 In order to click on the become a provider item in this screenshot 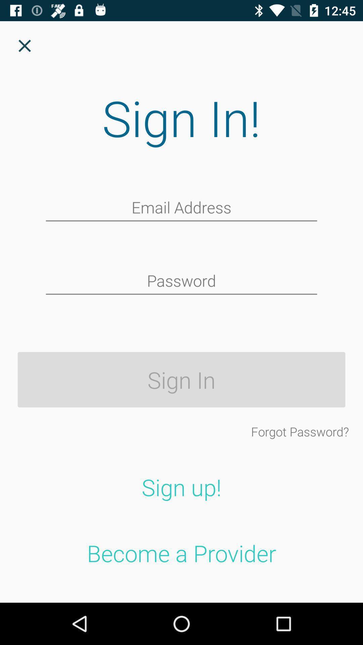, I will do `click(182, 553)`.